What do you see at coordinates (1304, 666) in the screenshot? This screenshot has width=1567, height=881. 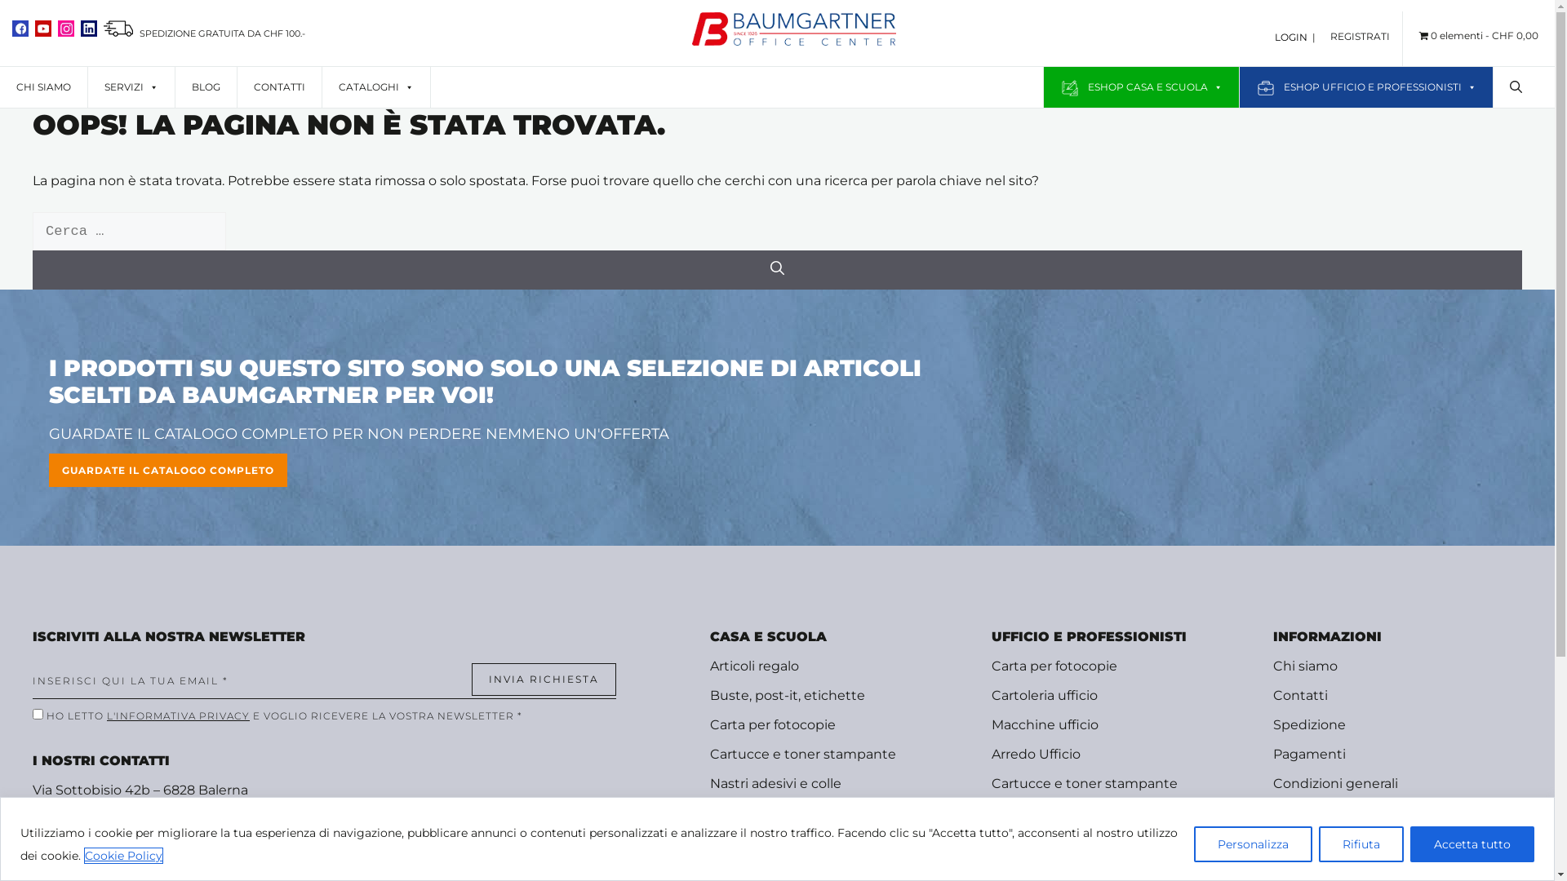 I see `'Chi siamo'` at bounding box center [1304, 666].